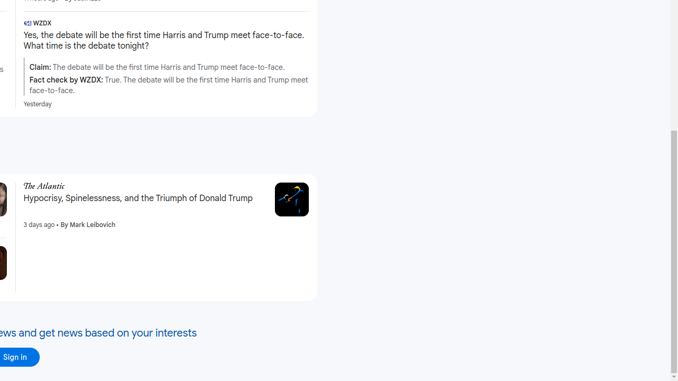  Describe the element at coordinates (263, 187) in the screenshot. I see `'More - Hypocrisy, Spinelessness, and the Triumph of Donald Trump'` at that location.